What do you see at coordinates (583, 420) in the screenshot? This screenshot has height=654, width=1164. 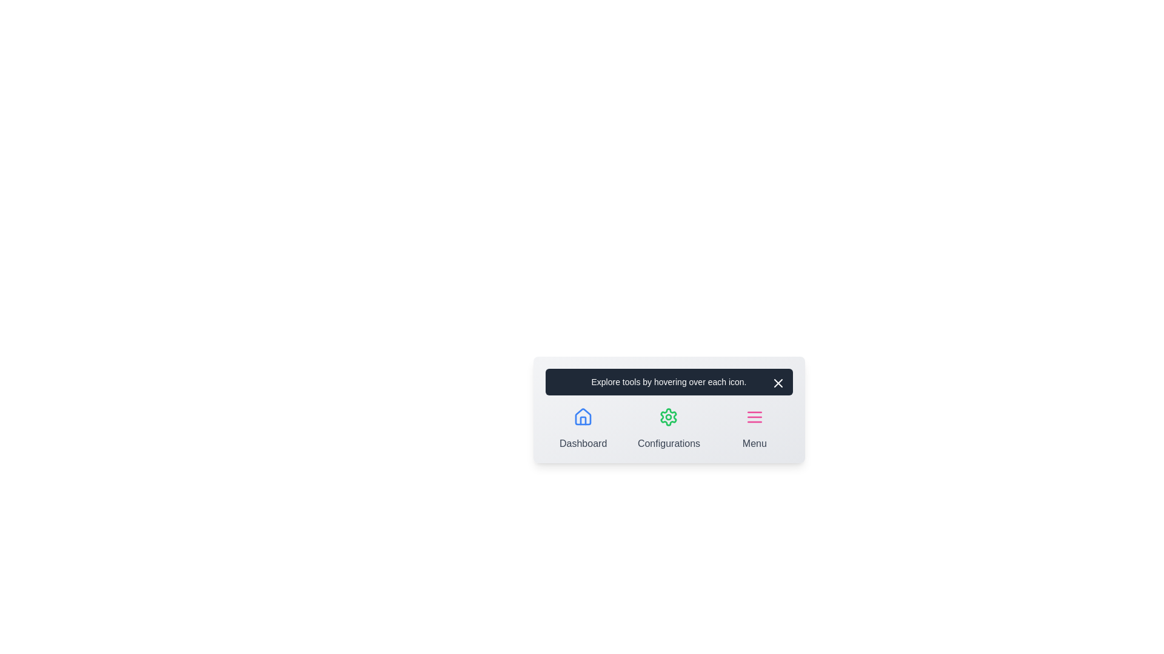 I see `the door element within the house icon located at the bottom-left corner of the interface, adjacent to the 'Dashboard' text` at bounding box center [583, 420].